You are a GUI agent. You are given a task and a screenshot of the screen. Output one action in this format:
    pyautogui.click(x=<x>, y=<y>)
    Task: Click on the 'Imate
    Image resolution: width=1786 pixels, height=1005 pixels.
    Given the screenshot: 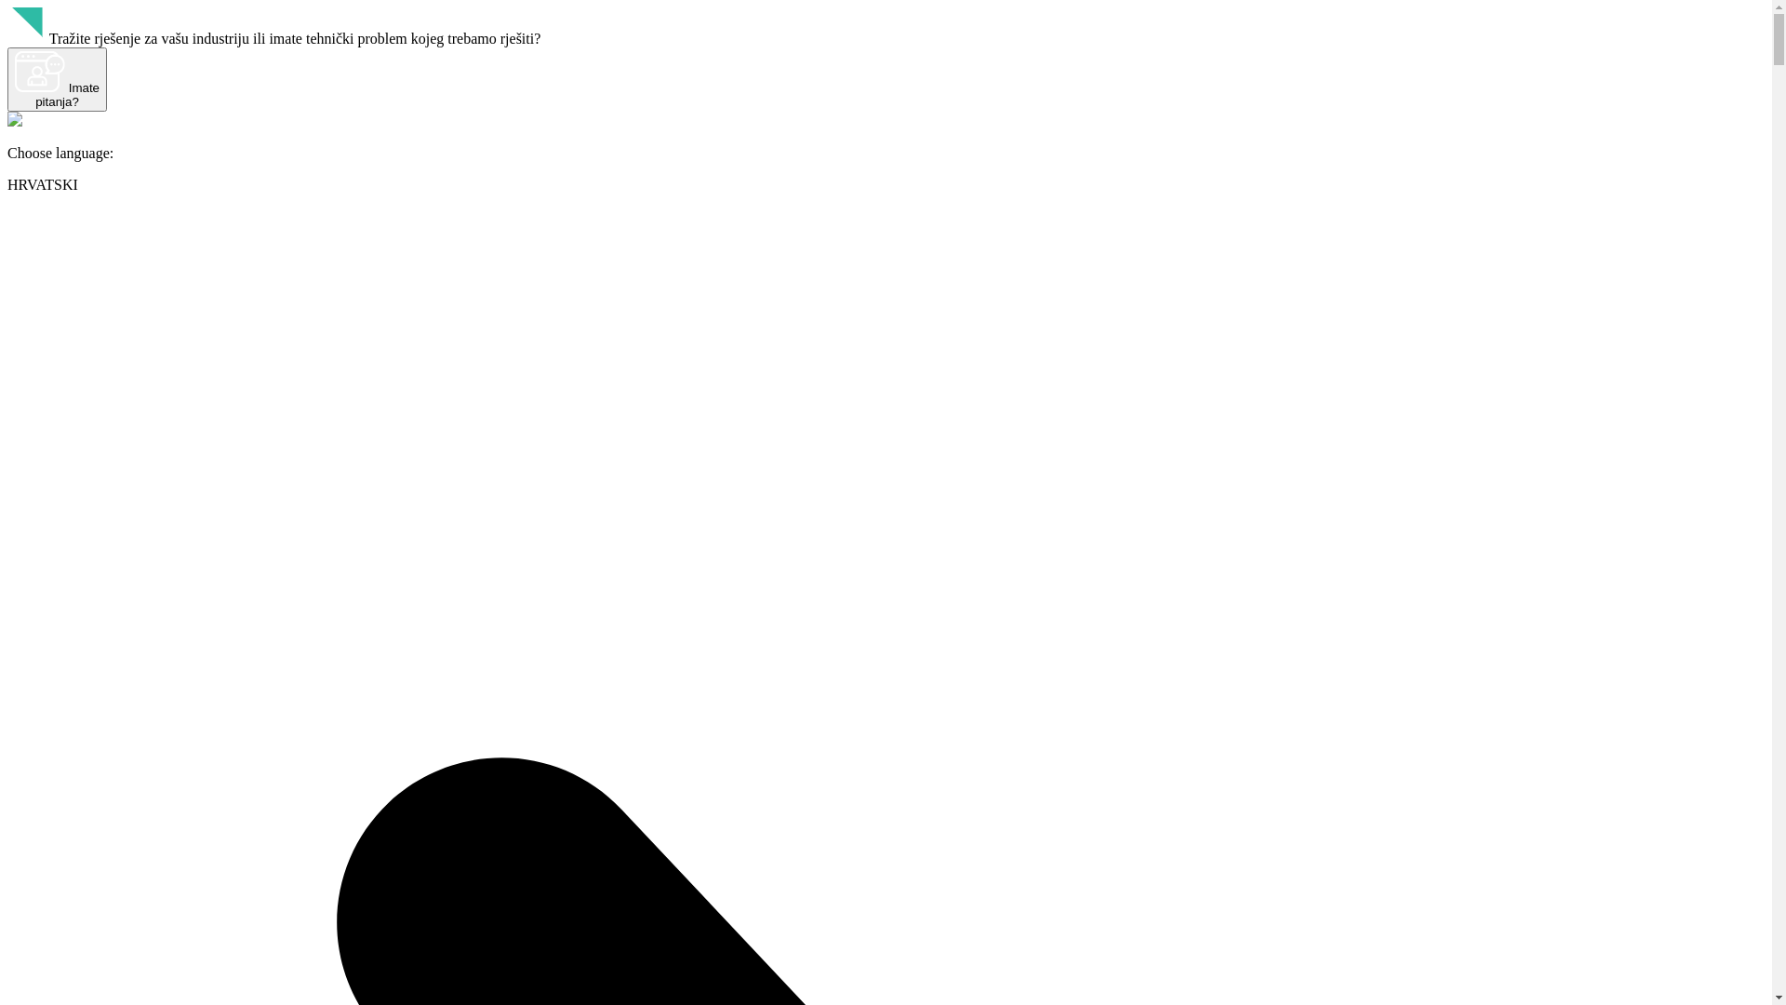 What is the action you would take?
    pyautogui.click(x=57, y=78)
    